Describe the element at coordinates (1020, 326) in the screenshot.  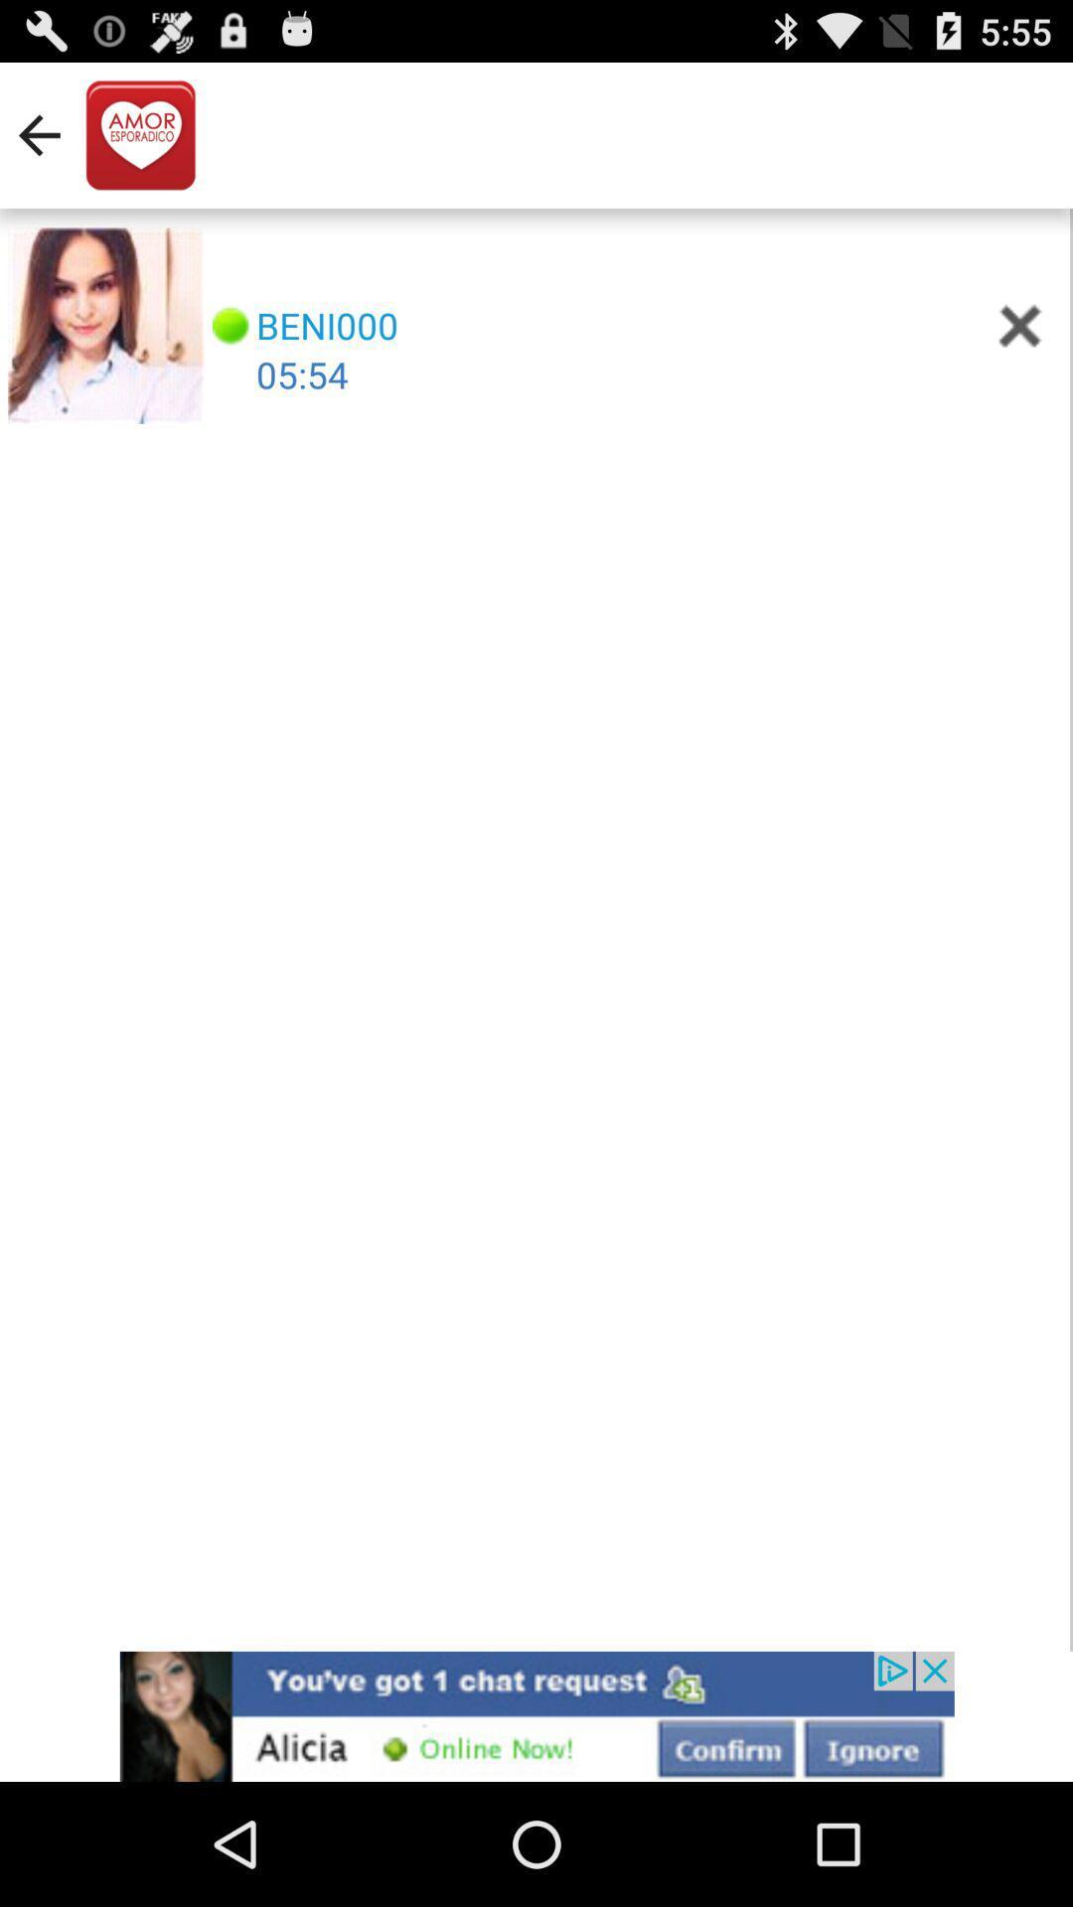
I see `delete message` at that location.